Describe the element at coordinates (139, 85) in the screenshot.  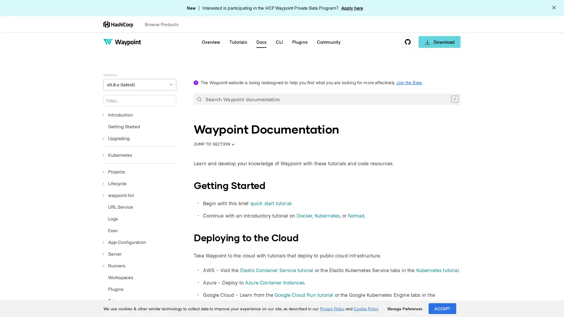
I see `VERSION` at that location.